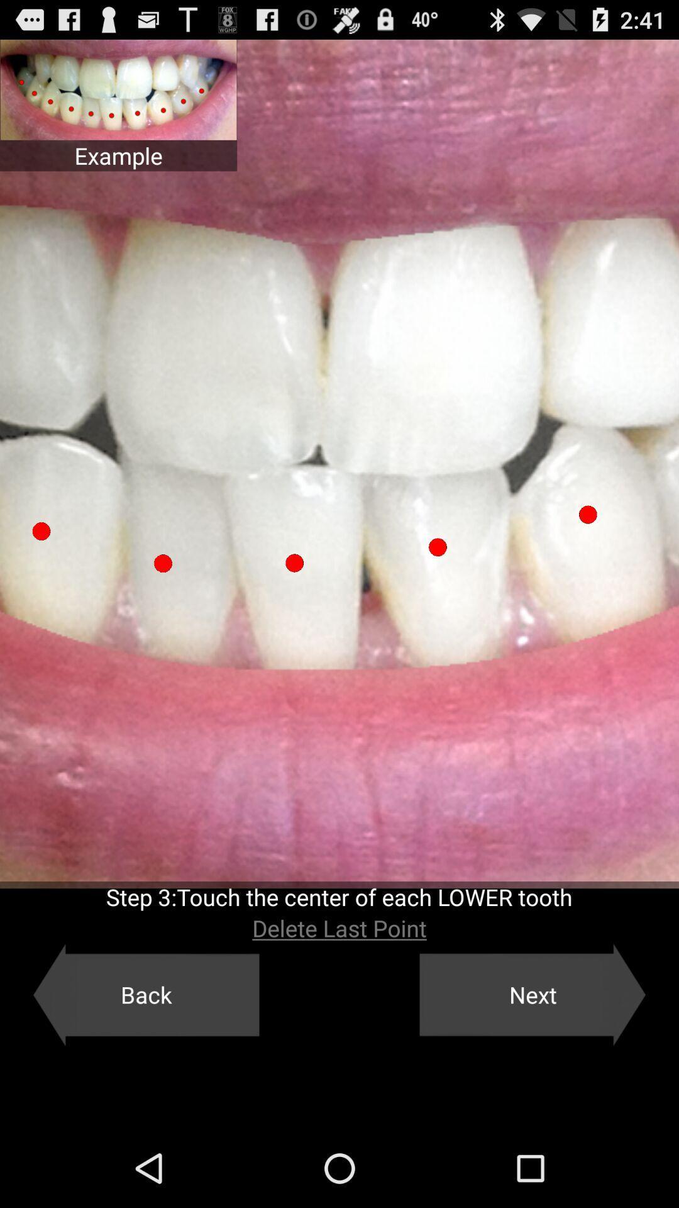 Image resolution: width=679 pixels, height=1208 pixels. Describe the element at coordinates (145, 994) in the screenshot. I see `item next to next item` at that location.